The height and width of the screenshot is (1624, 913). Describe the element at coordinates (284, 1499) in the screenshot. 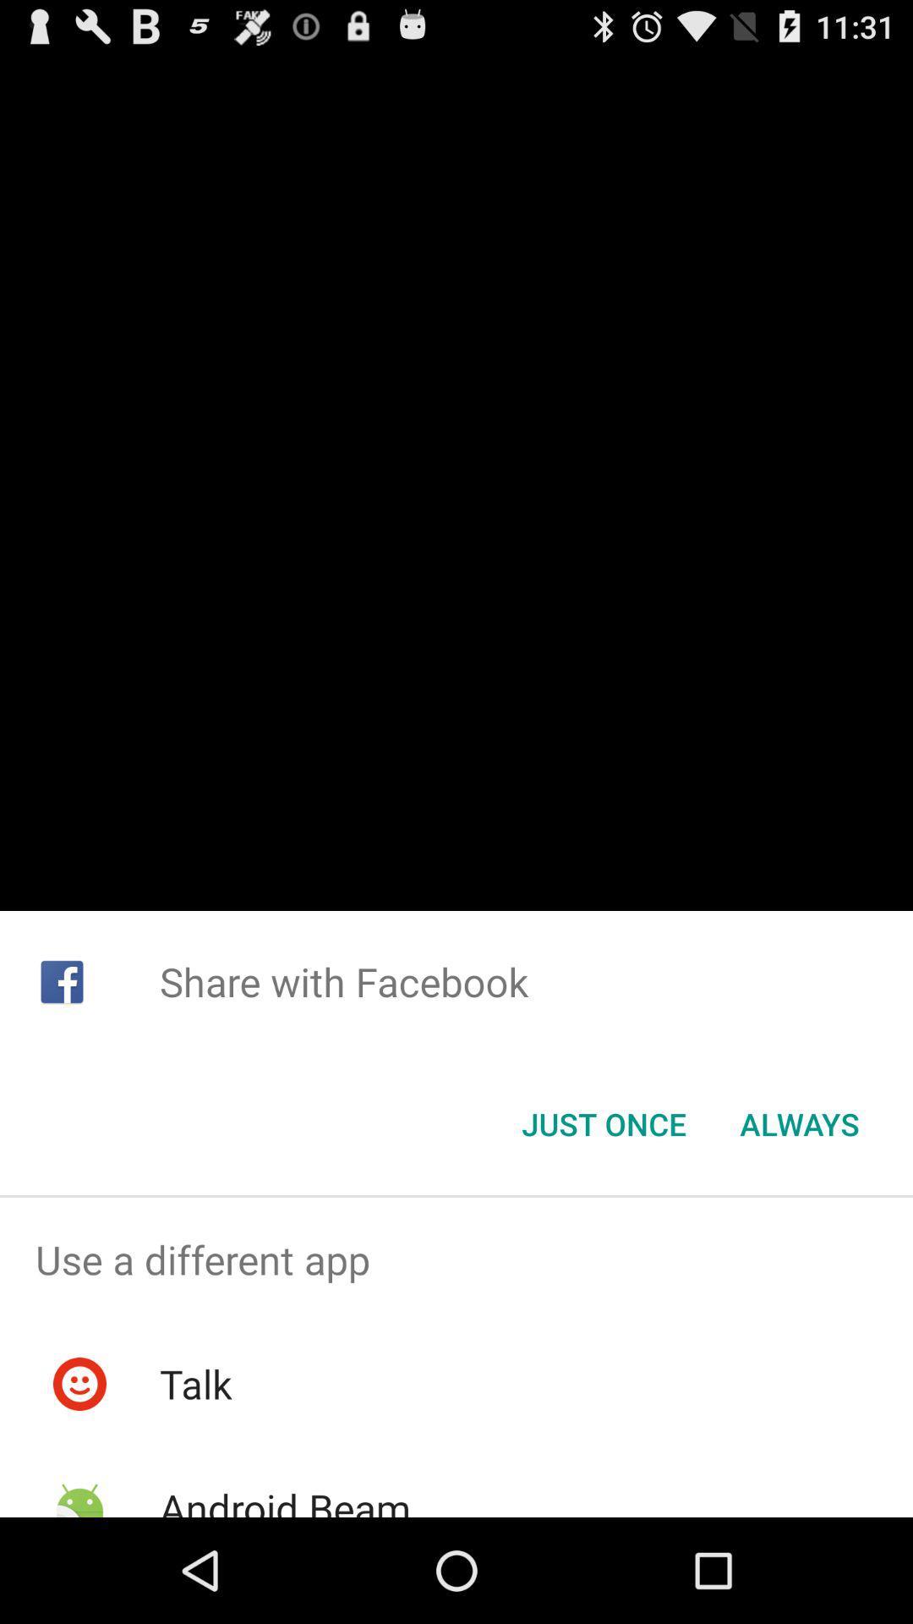

I see `the android beam item` at that location.